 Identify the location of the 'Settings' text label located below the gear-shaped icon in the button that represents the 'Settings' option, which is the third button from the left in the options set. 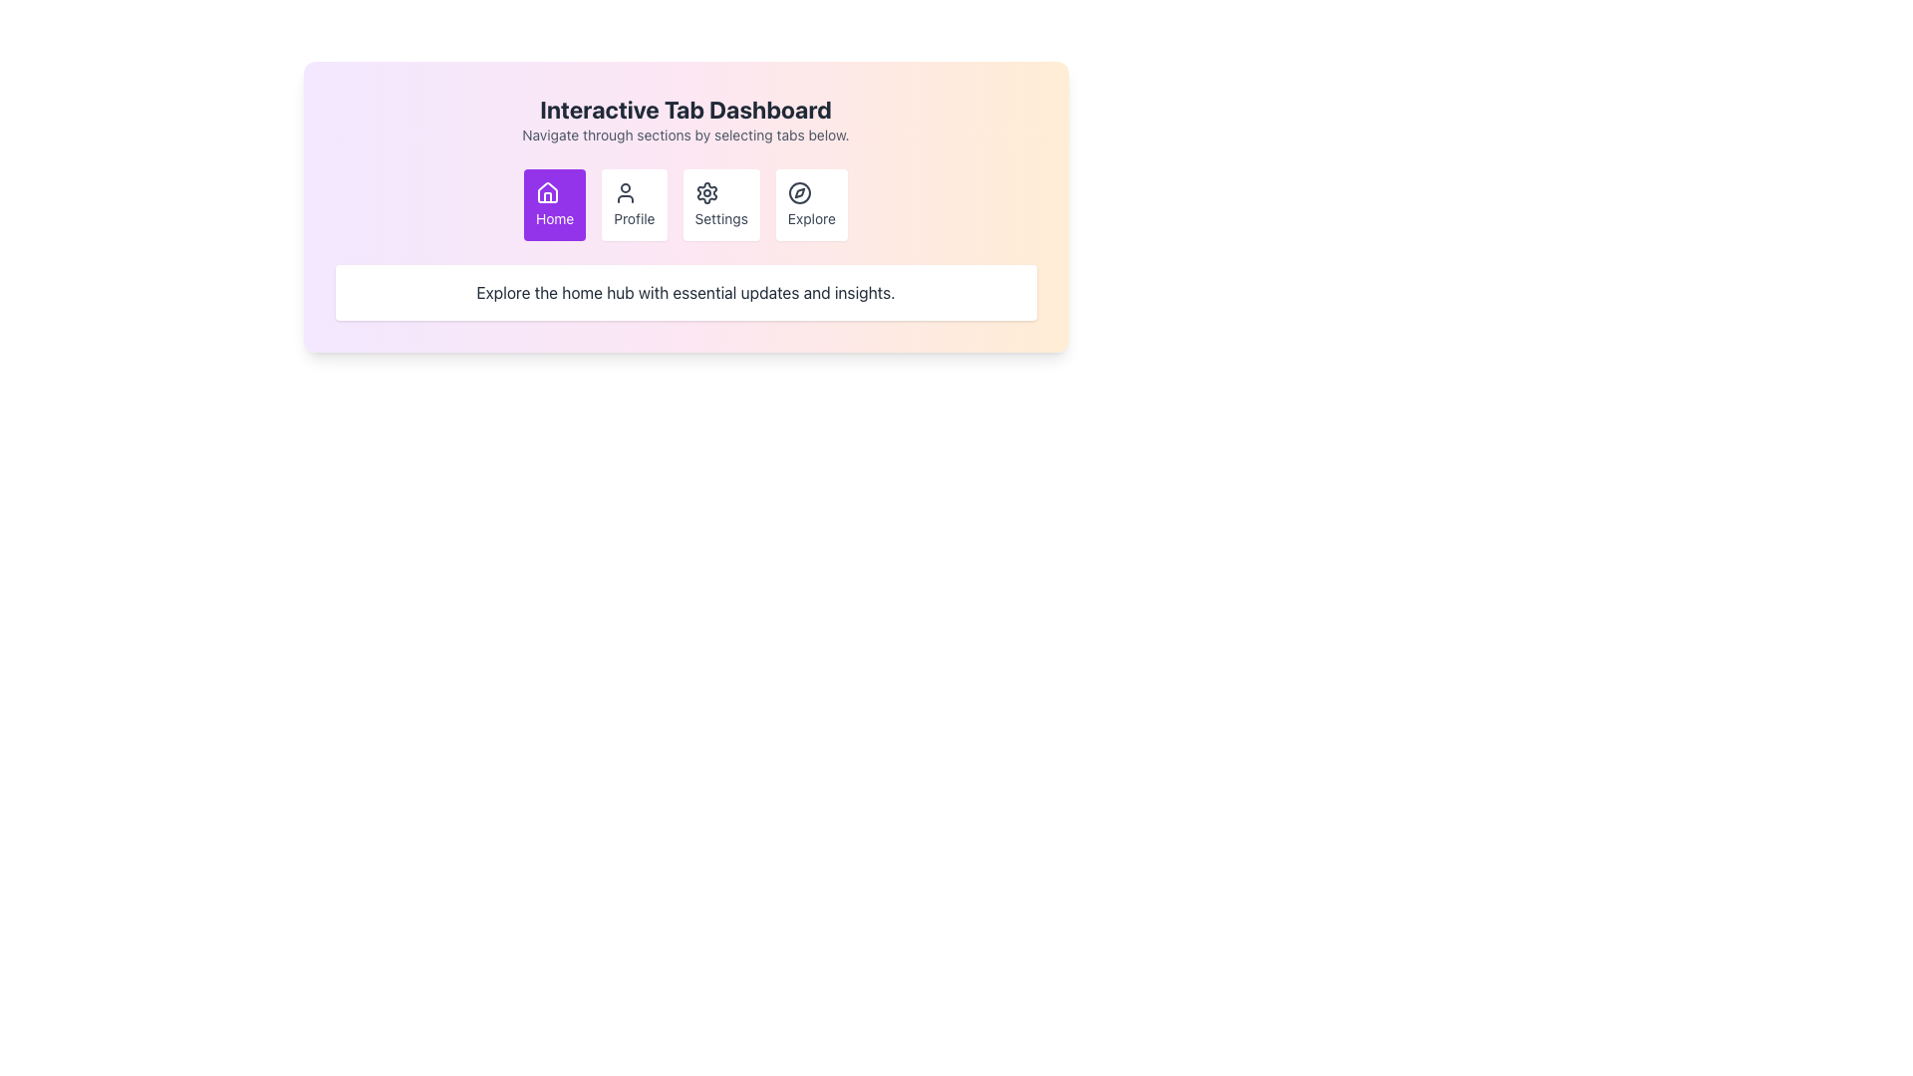
(720, 218).